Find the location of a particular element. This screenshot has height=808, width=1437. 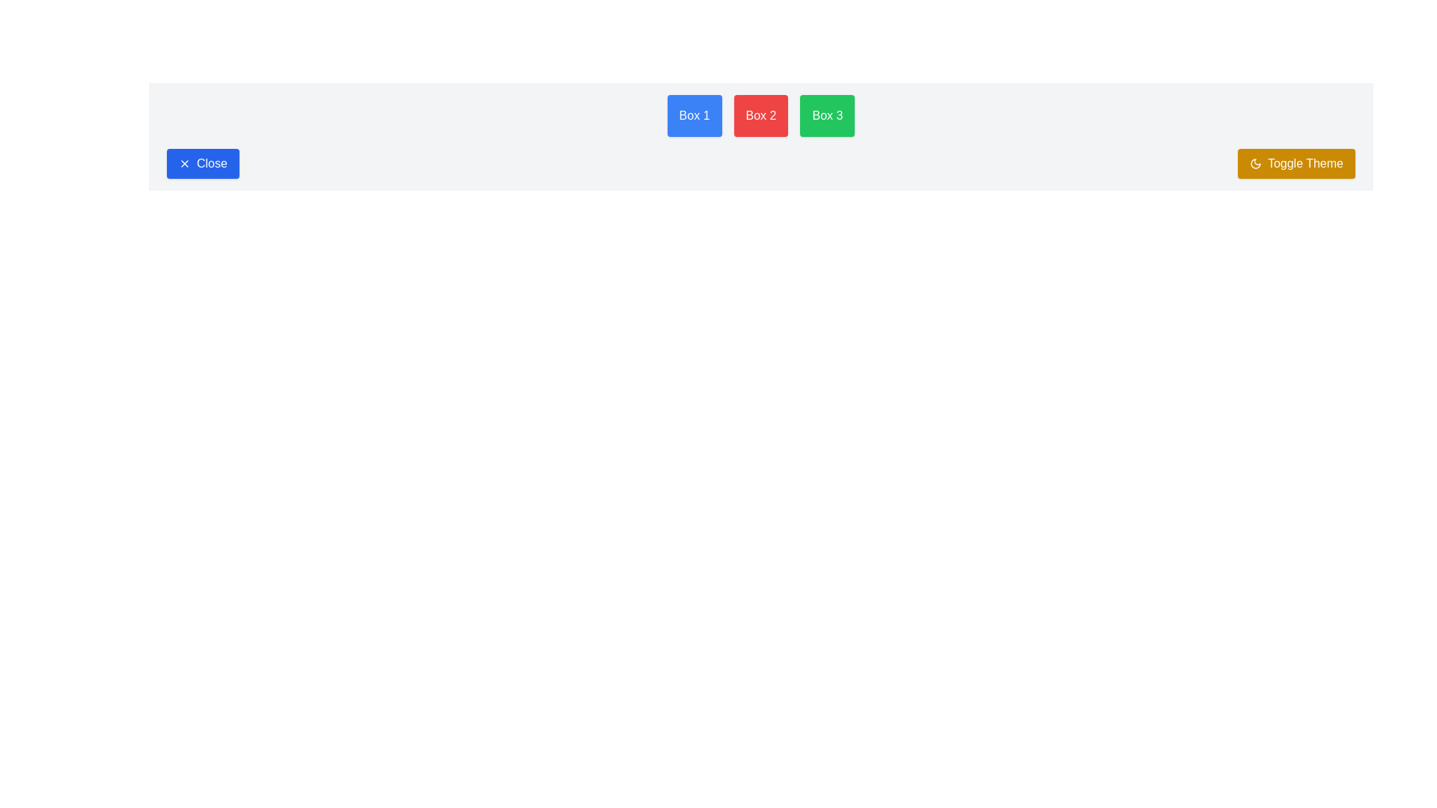

the blue 'Close' button with white text and an 'x' icon is located at coordinates (202, 164).